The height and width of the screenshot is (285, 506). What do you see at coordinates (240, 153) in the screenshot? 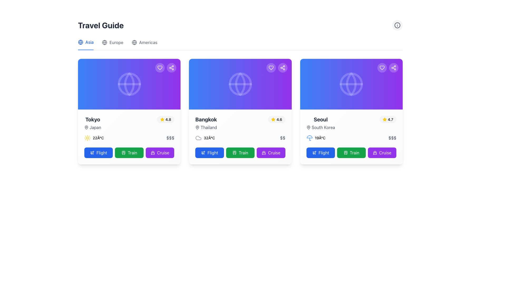
I see `the second button in the horizontal group of three buttons located at the bottom of the 'Bangkok' card` at bounding box center [240, 153].